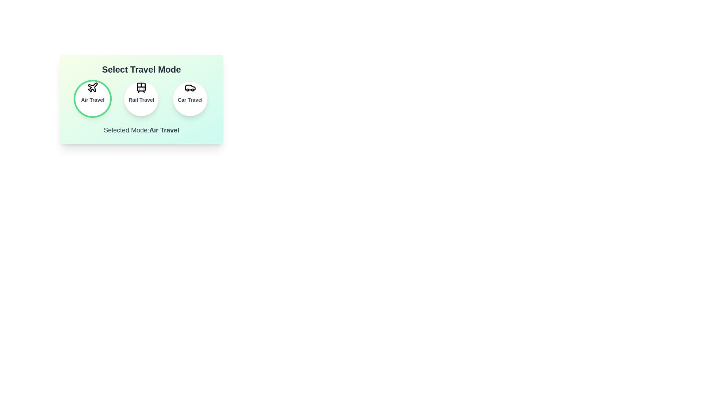  Describe the element at coordinates (92, 98) in the screenshot. I see `the button for Air Travel travel to see the hover effect` at that location.